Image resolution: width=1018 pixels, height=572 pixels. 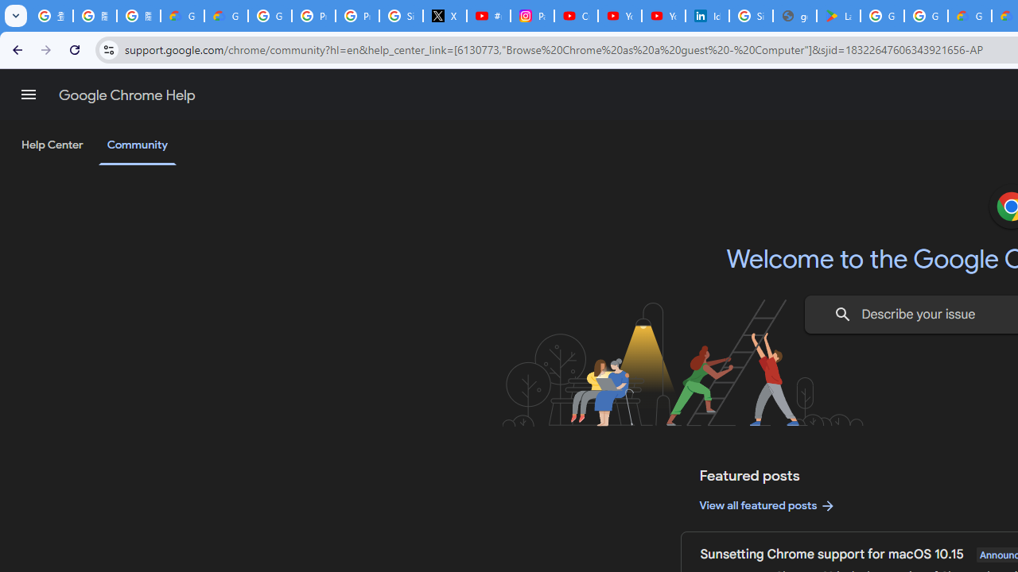 I want to click on 'View site information', so click(x=107, y=48).